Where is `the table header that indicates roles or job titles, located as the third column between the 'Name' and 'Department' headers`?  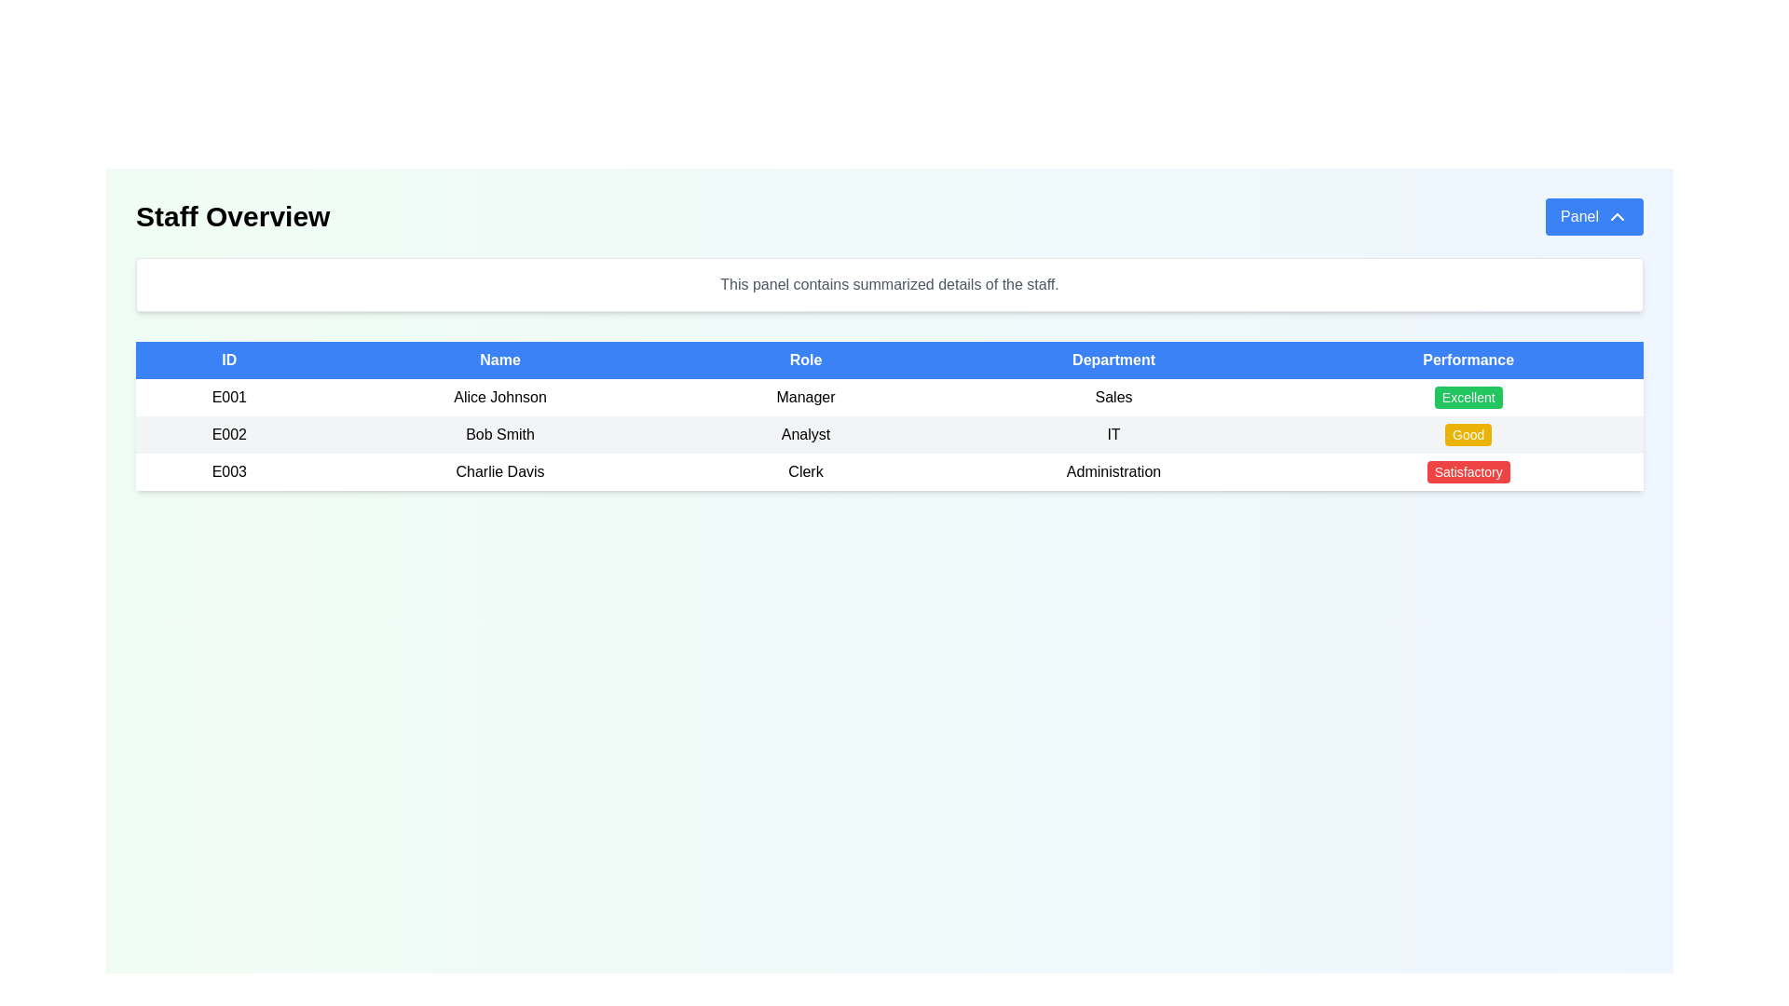 the table header that indicates roles or job titles, located as the third column between the 'Name' and 'Department' headers is located at coordinates (805, 360).